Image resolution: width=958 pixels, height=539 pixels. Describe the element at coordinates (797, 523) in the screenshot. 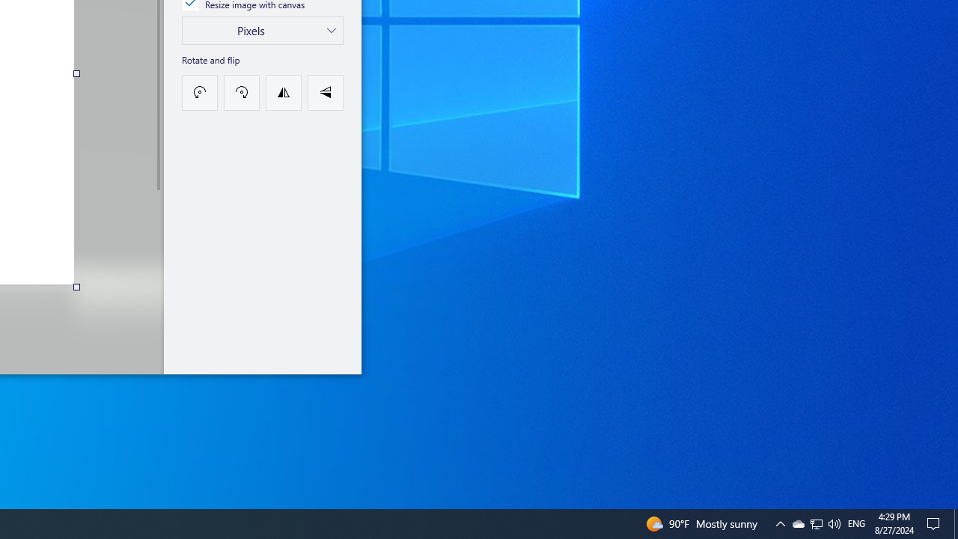

I see `'Q2790: 100%'` at that location.